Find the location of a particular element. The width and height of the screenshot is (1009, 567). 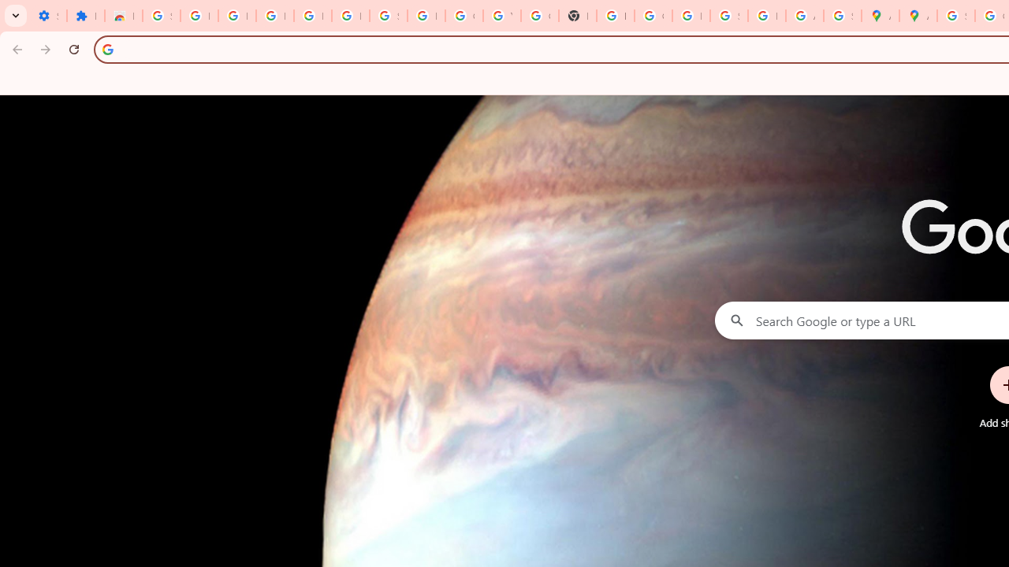

'New Tab' is located at coordinates (576, 16).